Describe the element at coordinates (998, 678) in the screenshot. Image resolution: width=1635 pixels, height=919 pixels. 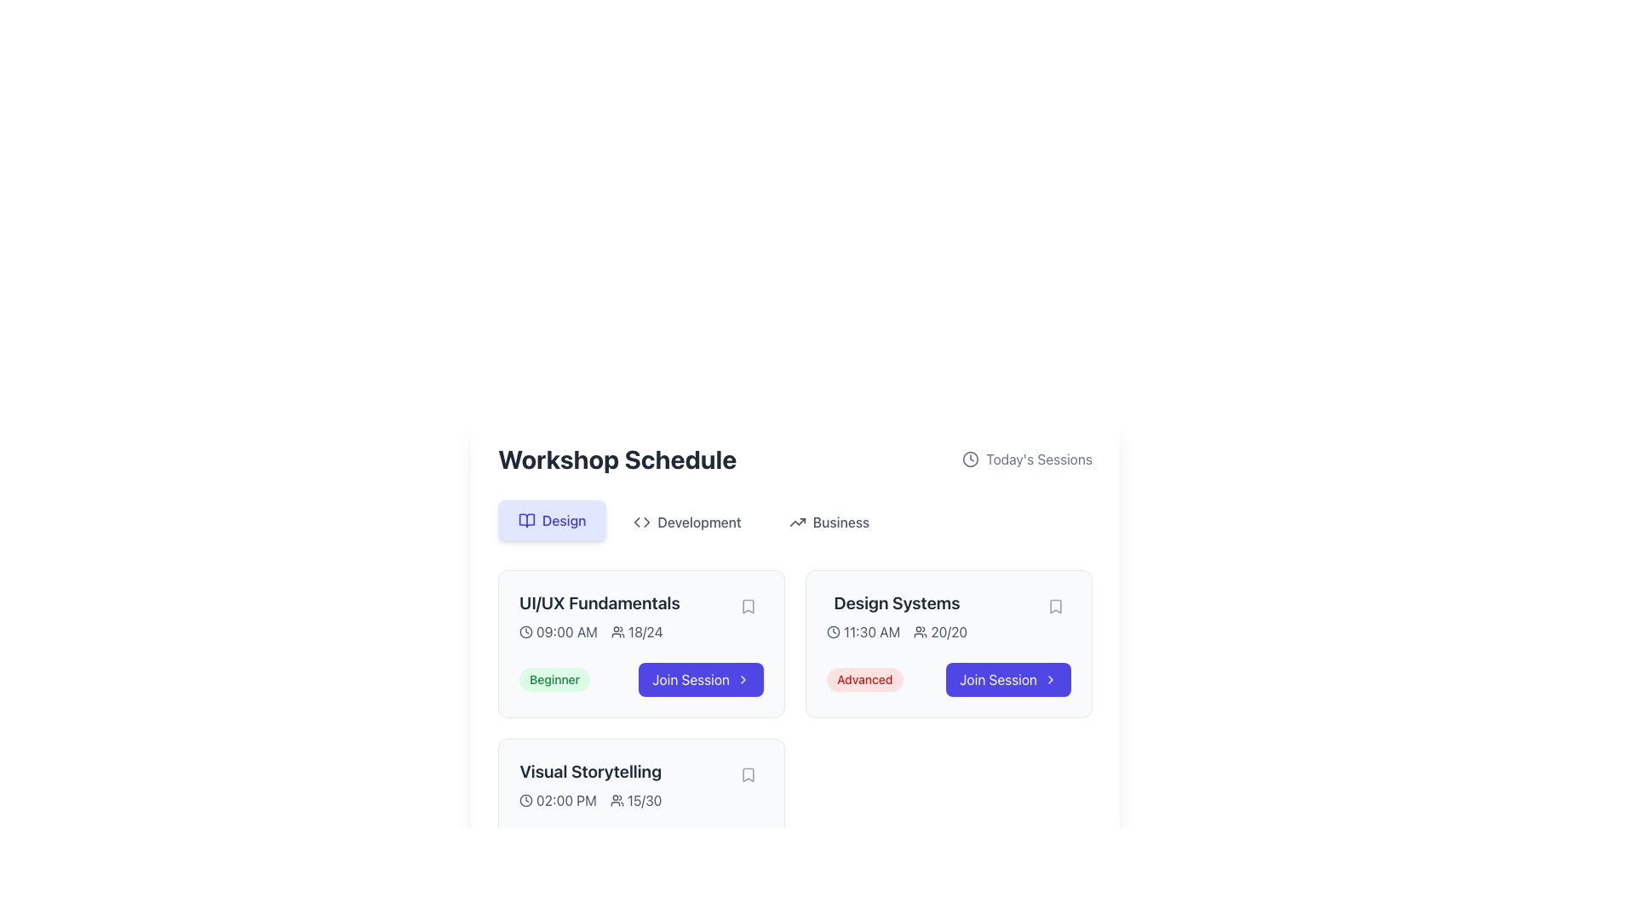
I see `the central text label of the interactive button that allows users to join the 'Design Systems' session located in the lower-right portion of the workshop card` at that location.